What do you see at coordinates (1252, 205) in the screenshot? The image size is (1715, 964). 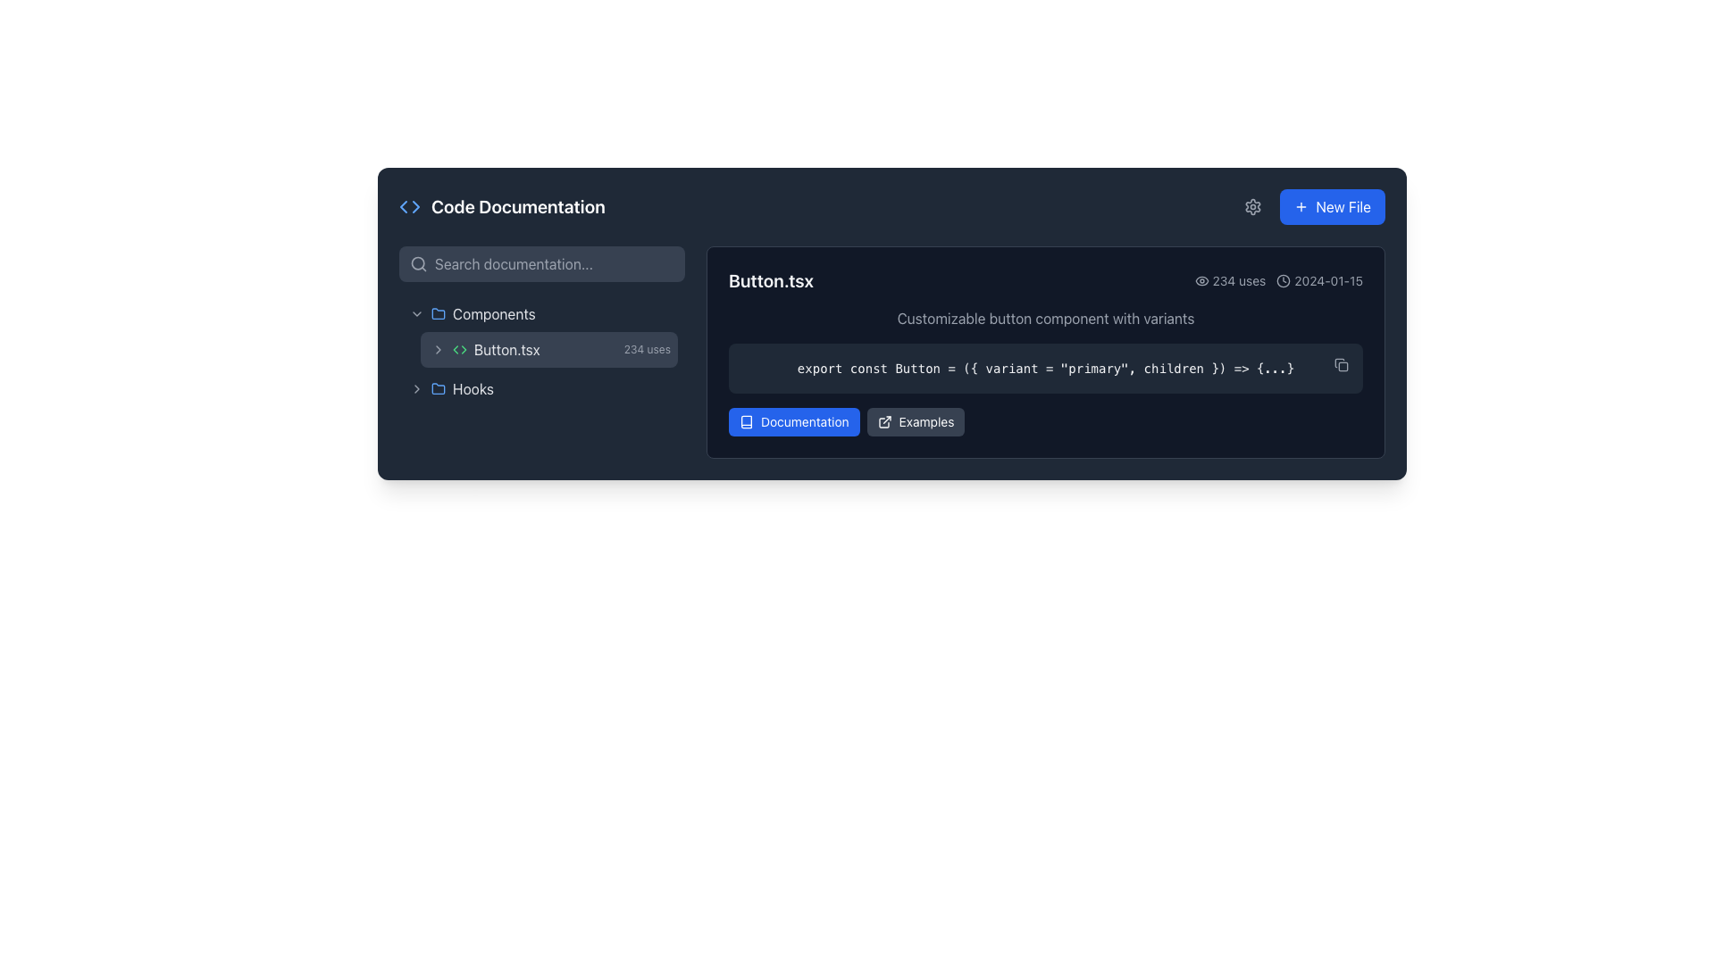 I see `the gear-shaped settings icon located in the top-right corner of the dark-themed user interface` at bounding box center [1252, 205].